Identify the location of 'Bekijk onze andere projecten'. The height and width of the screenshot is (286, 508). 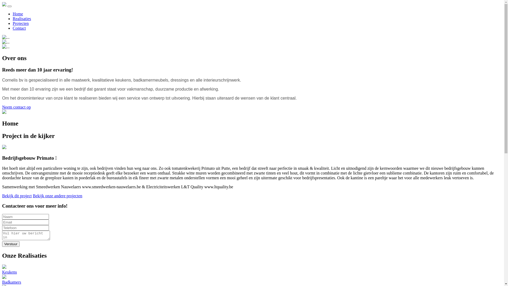
(57, 196).